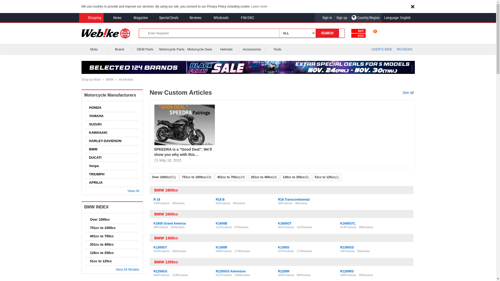  What do you see at coordinates (221, 223) in the screenshot?
I see `'K1600B'` at bounding box center [221, 223].